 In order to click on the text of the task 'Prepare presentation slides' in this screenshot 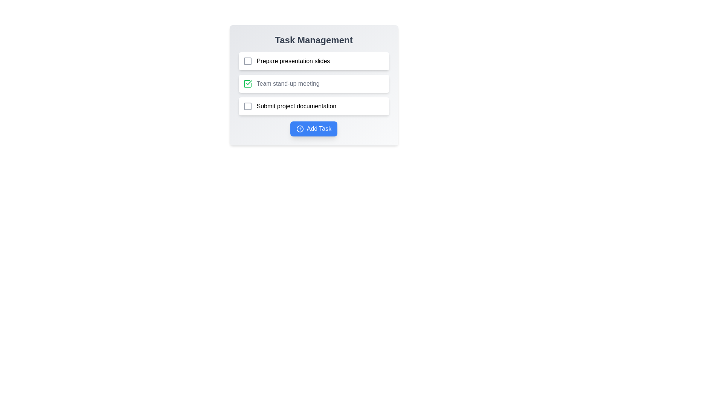, I will do `click(293, 61)`.